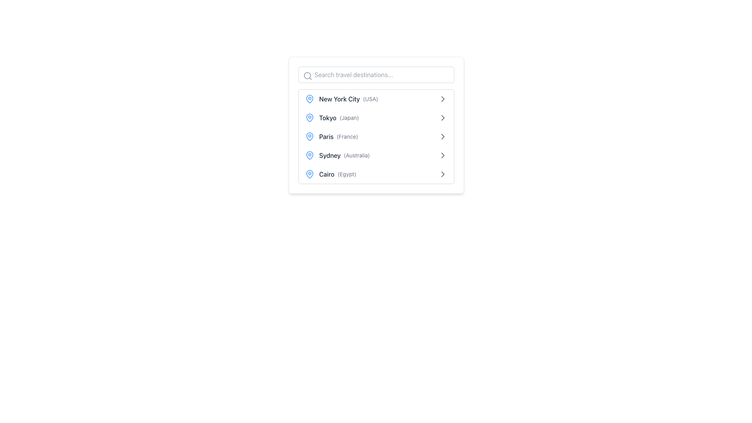  Describe the element at coordinates (307, 75) in the screenshot. I see `the hollow circular shape within the search icon located at the top left corner of the search bar area` at that location.